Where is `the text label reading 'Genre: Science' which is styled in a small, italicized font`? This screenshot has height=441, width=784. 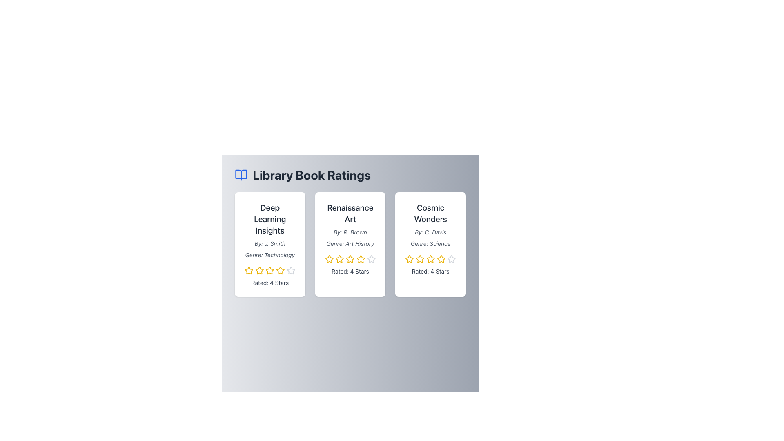 the text label reading 'Genre: Science' which is styled in a small, italicized font is located at coordinates (430, 243).